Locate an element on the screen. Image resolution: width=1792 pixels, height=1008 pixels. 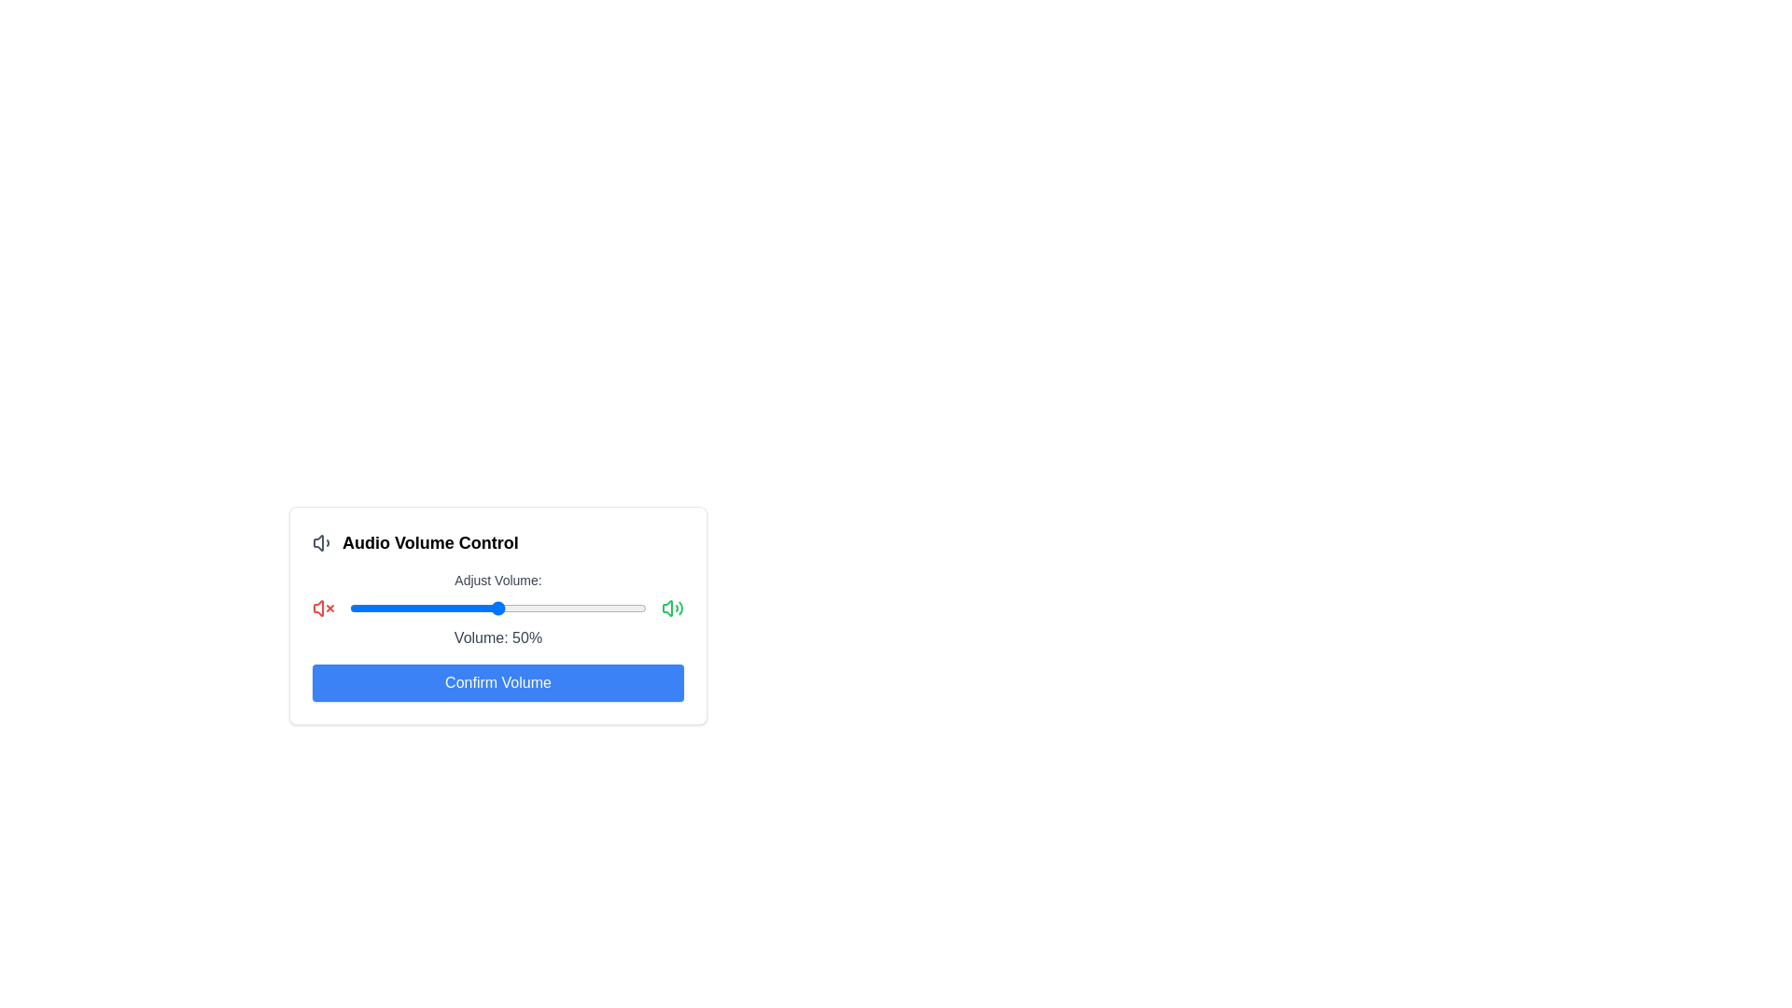
the volume slider to 90% is located at coordinates (617, 608).